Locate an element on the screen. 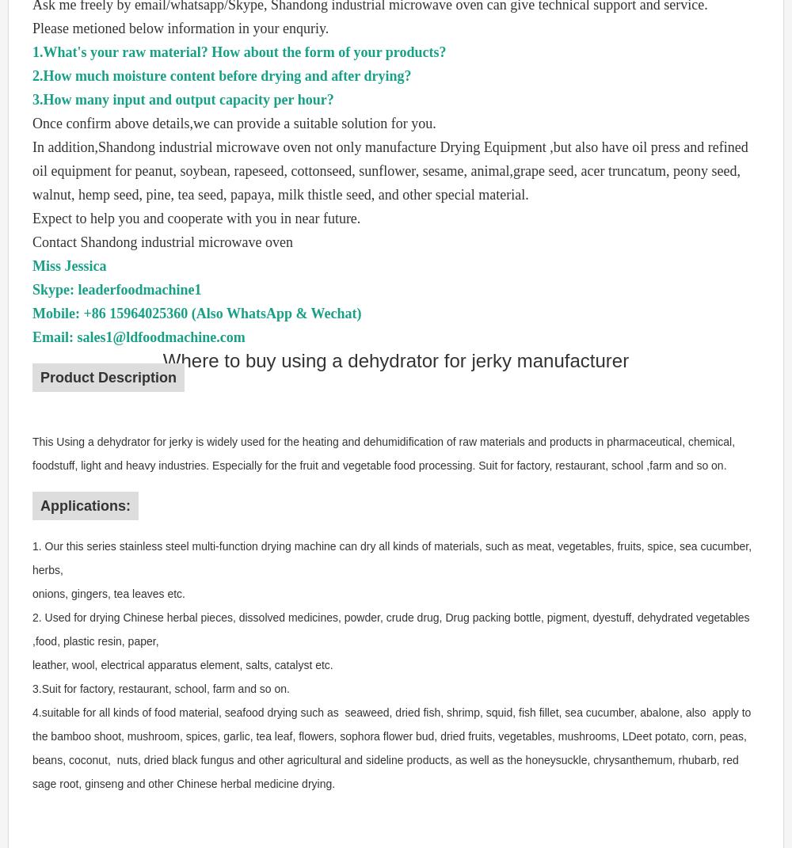  'Once confirm above details,we can provide a suitable solution for you.' is located at coordinates (234, 123).